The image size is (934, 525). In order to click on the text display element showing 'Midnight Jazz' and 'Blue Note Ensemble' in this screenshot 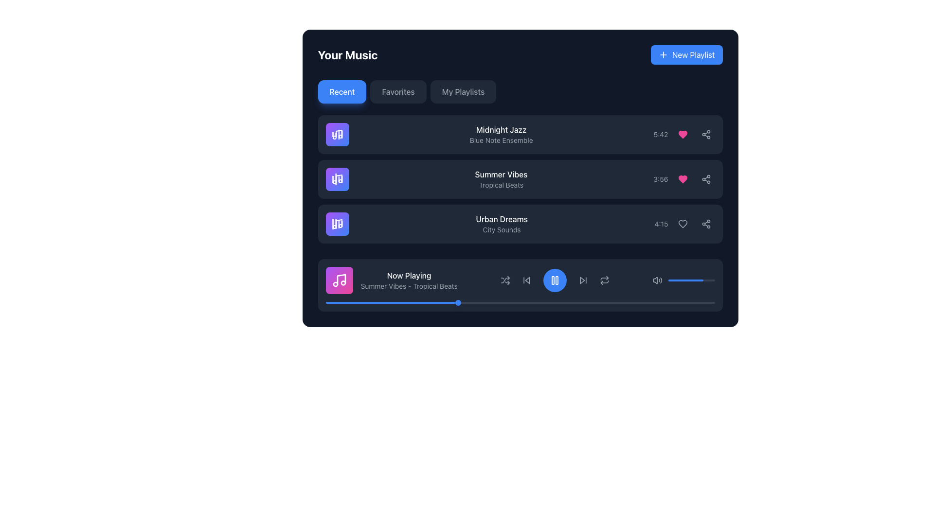, I will do `click(501, 135)`.